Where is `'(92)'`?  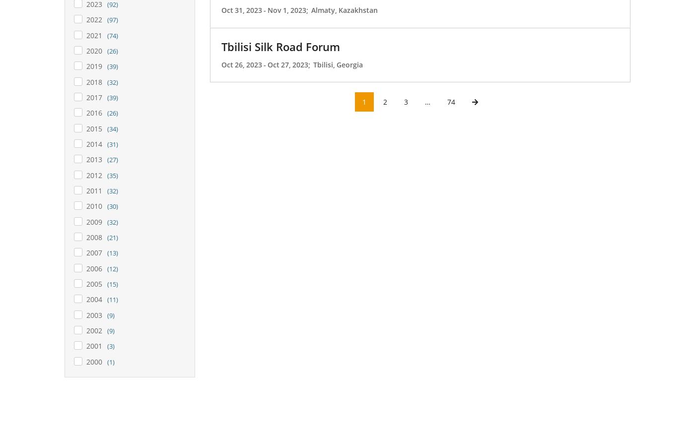
'(92)' is located at coordinates (112, 4).